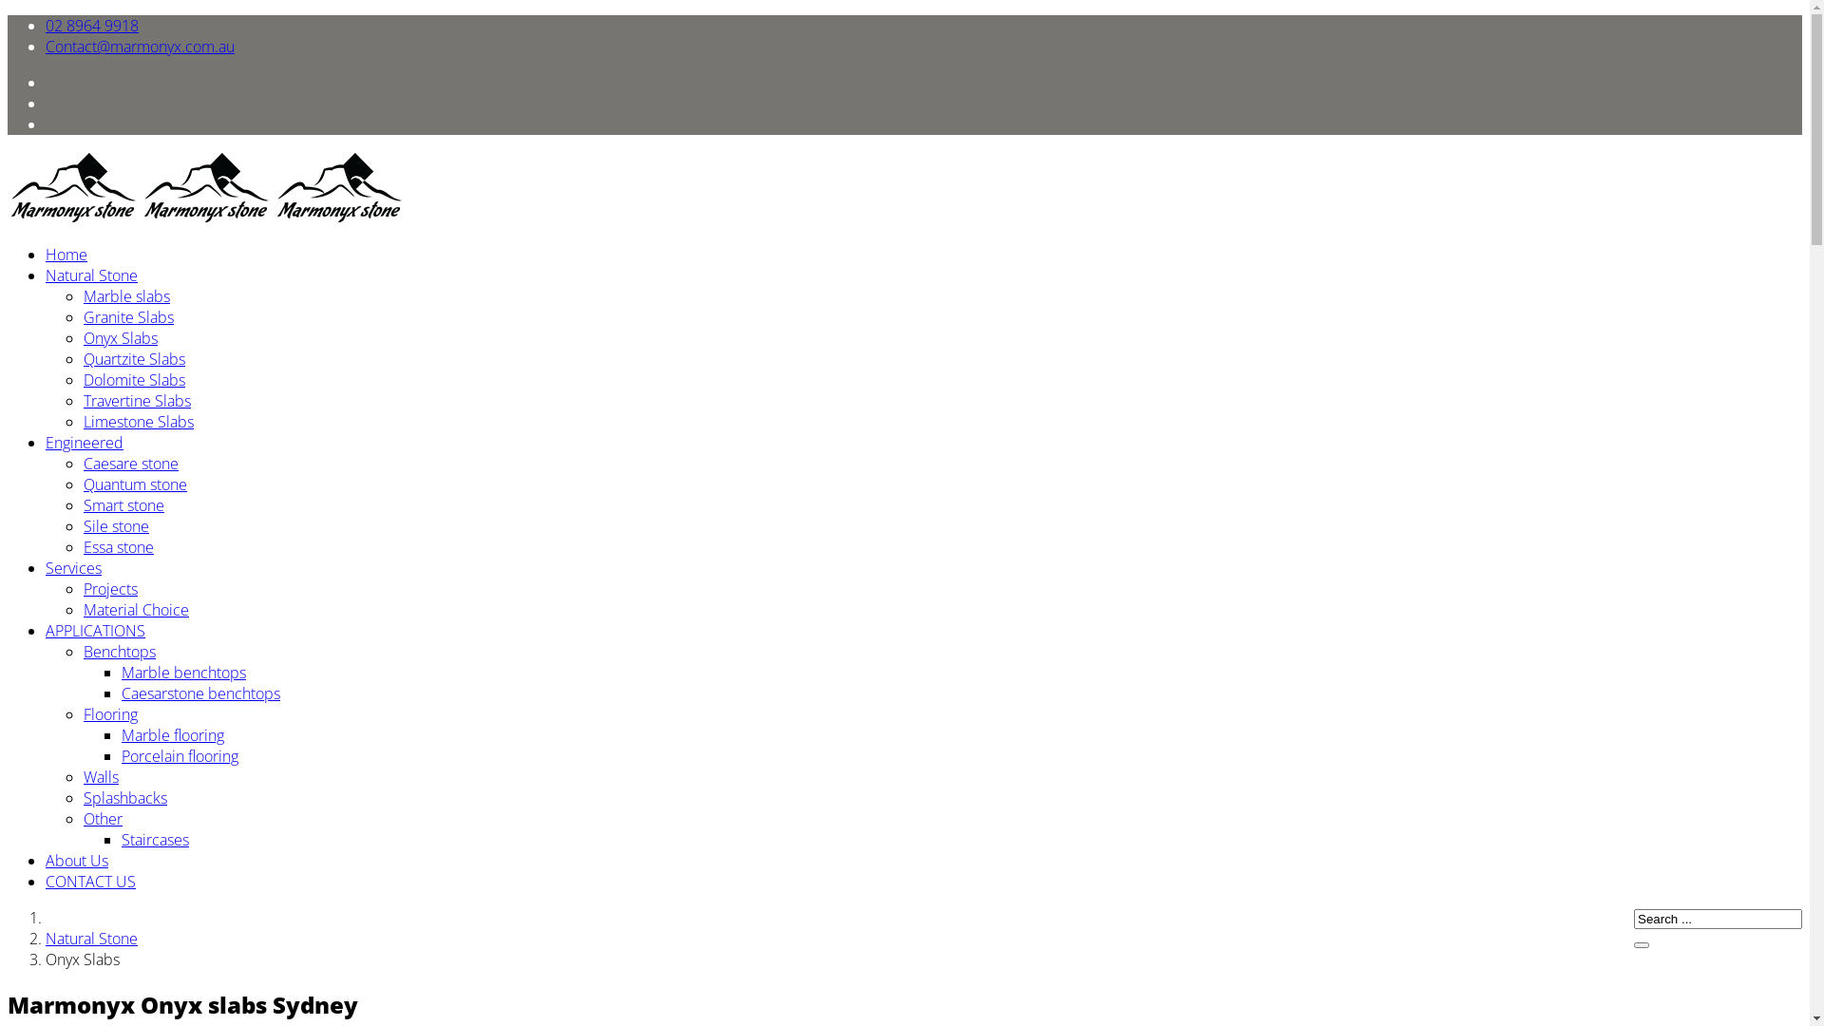  Describe the element at coordinates (82, 776) in the screenshot. I see `'Walls'` at that location.